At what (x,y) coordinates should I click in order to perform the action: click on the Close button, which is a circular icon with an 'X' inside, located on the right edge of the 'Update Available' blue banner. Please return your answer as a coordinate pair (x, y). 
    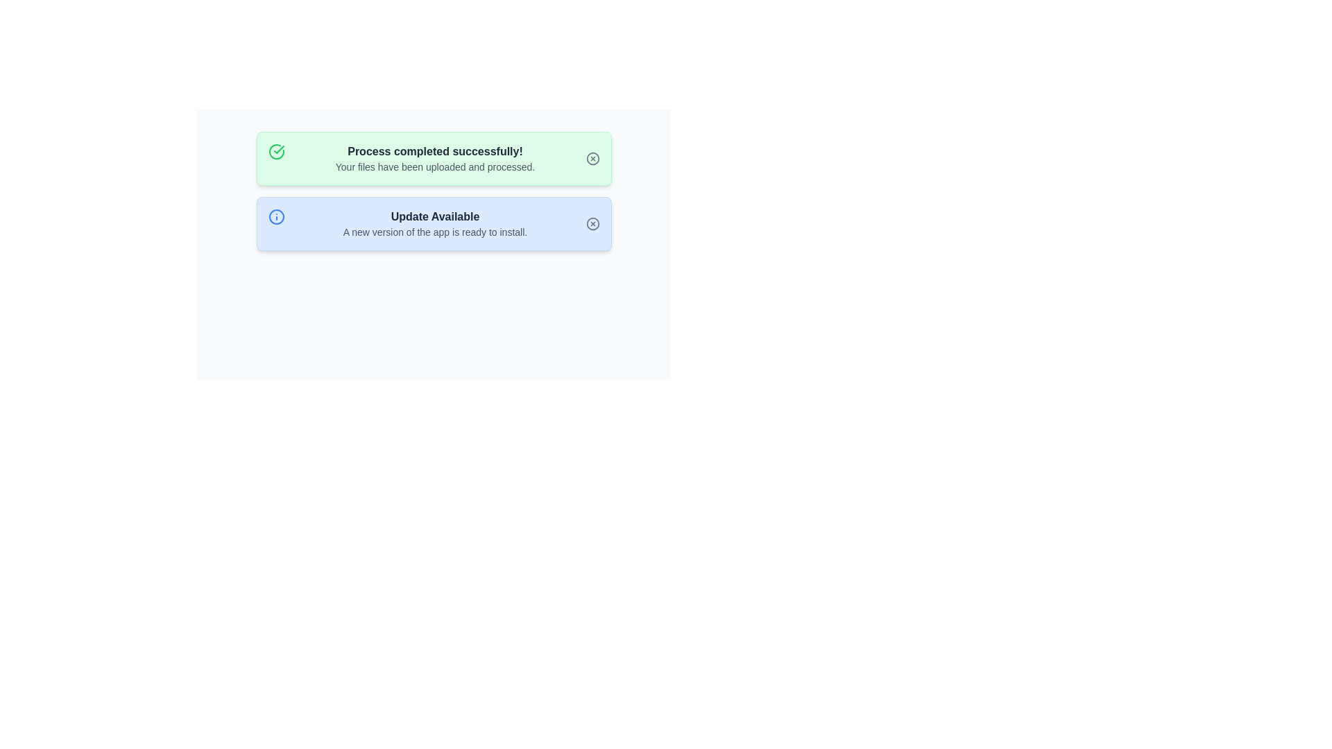
    Looking at the image, I should click on (592, 223).